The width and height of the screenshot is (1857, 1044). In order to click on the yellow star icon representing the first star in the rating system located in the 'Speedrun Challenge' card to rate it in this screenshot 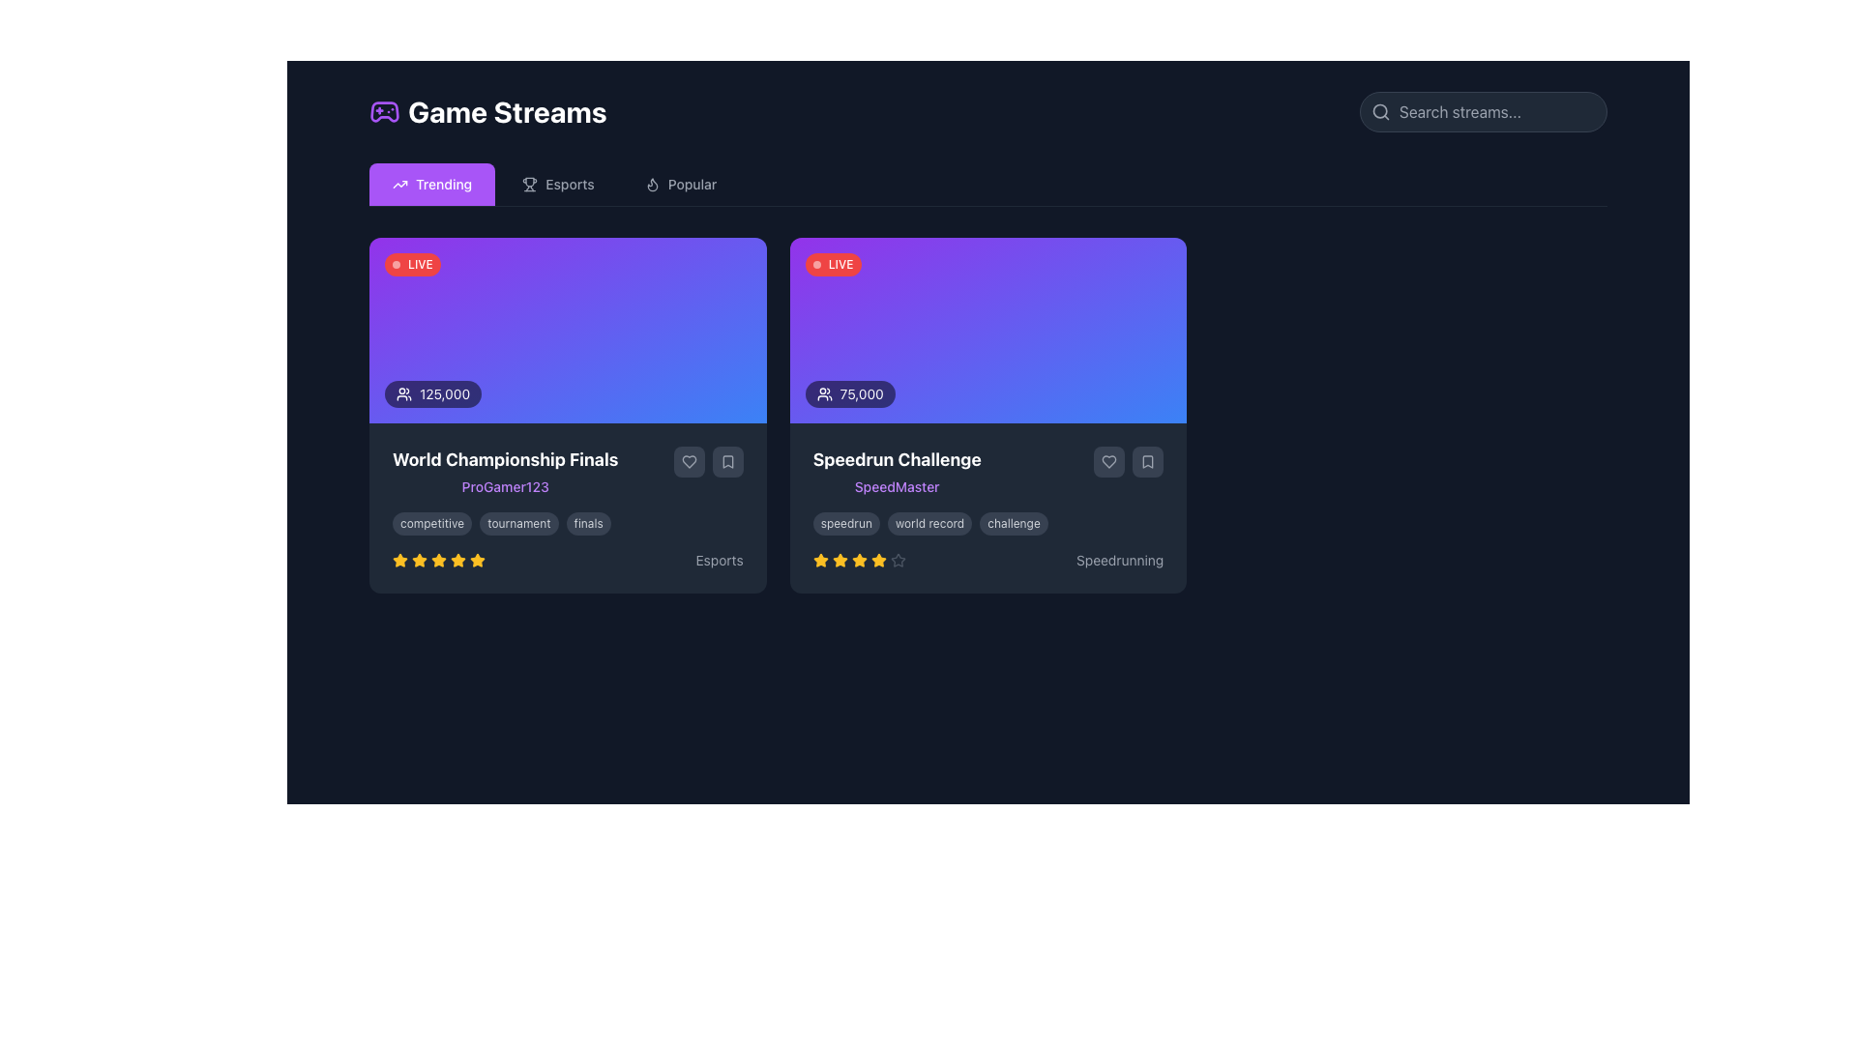, I will do `click(820, 560)`.